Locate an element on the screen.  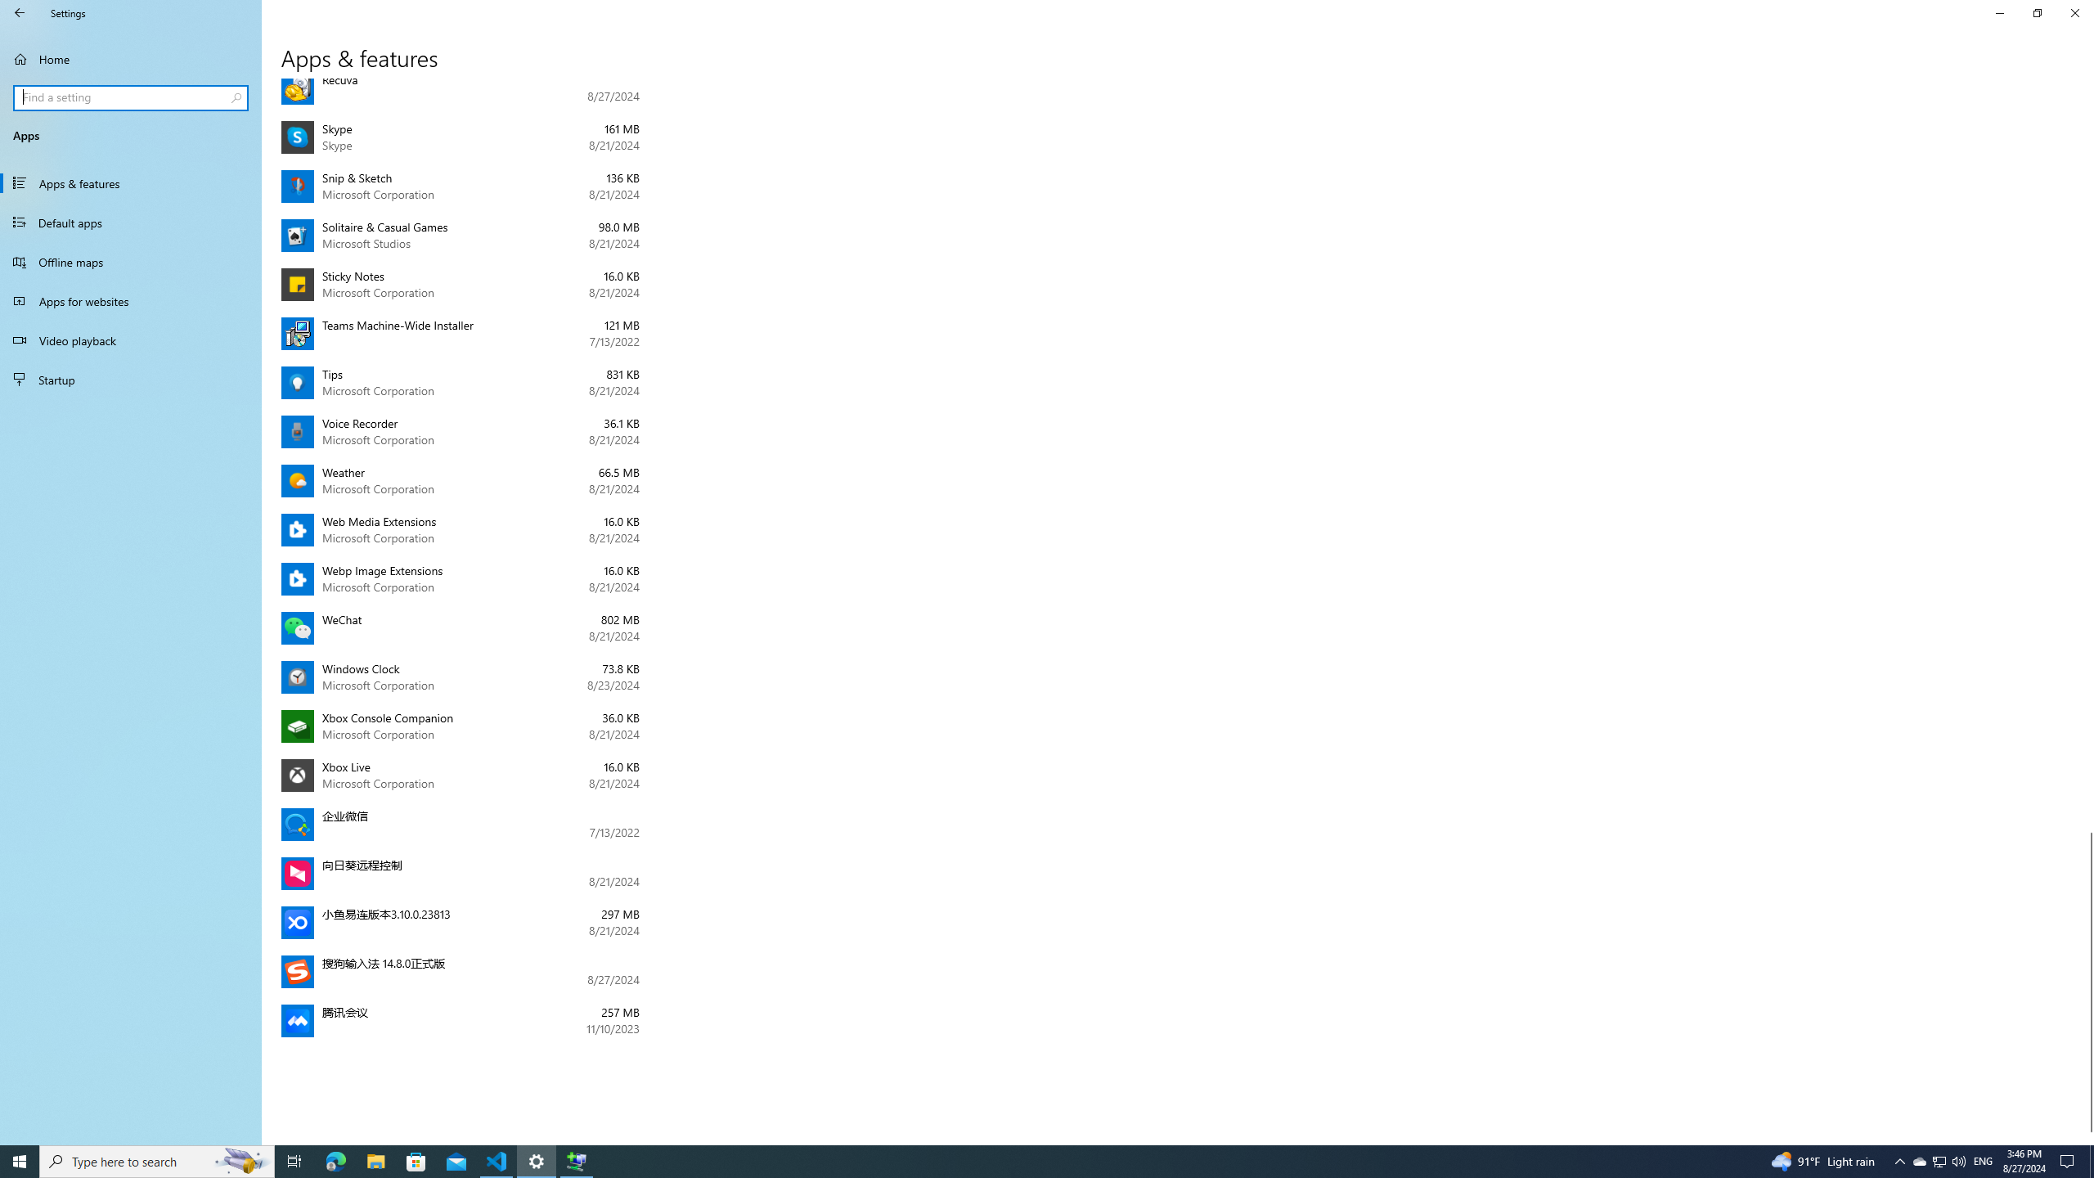
'Extensible Wizards Host Process - 1 running window' is located at coordinates (577, 1160).